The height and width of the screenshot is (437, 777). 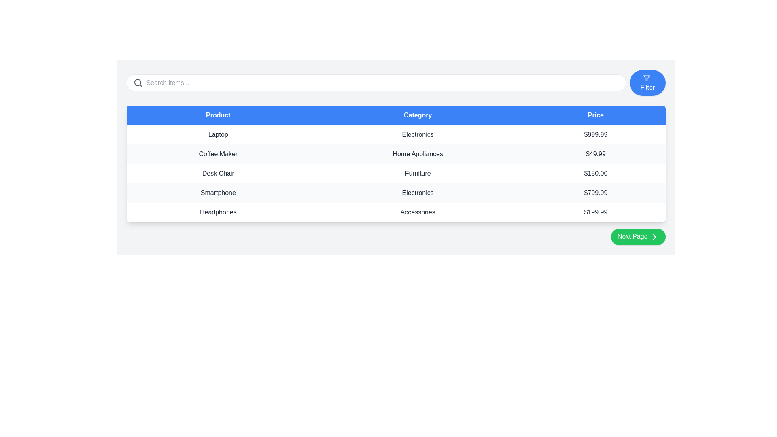 I want to click on the Table Header Cell labeled 'Category', which is styled with a bold white font on a blue background and is the middle label in a tri-column header row, so click(x=418, y=115).